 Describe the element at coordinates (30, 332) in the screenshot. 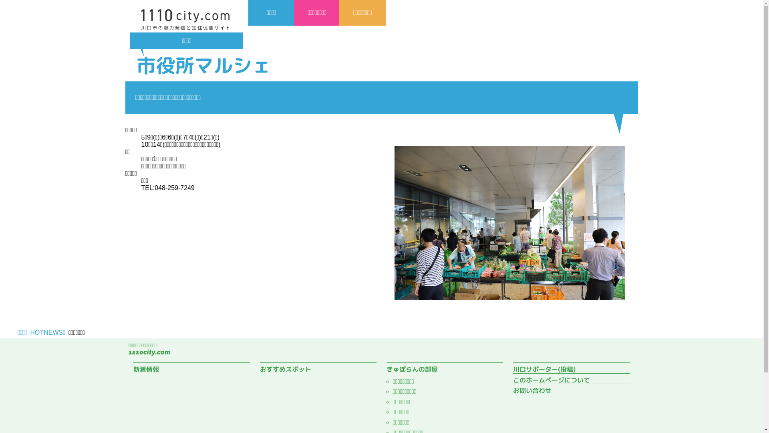

I see `'HOTNEWS'` at that location.